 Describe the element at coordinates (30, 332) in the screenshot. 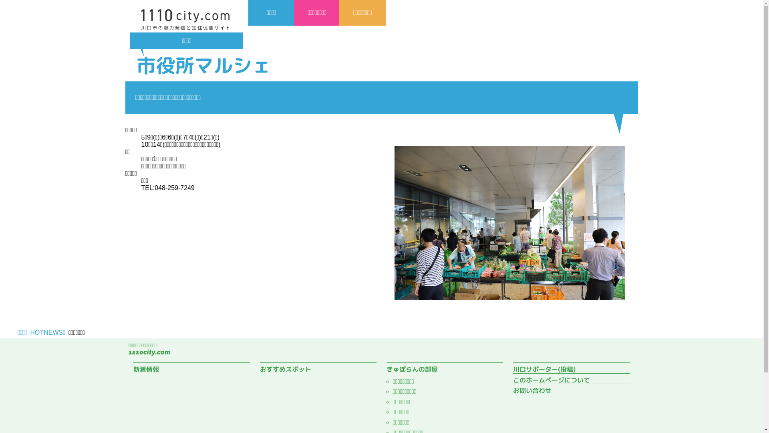

I see `'HOTNEWS'` at that location.